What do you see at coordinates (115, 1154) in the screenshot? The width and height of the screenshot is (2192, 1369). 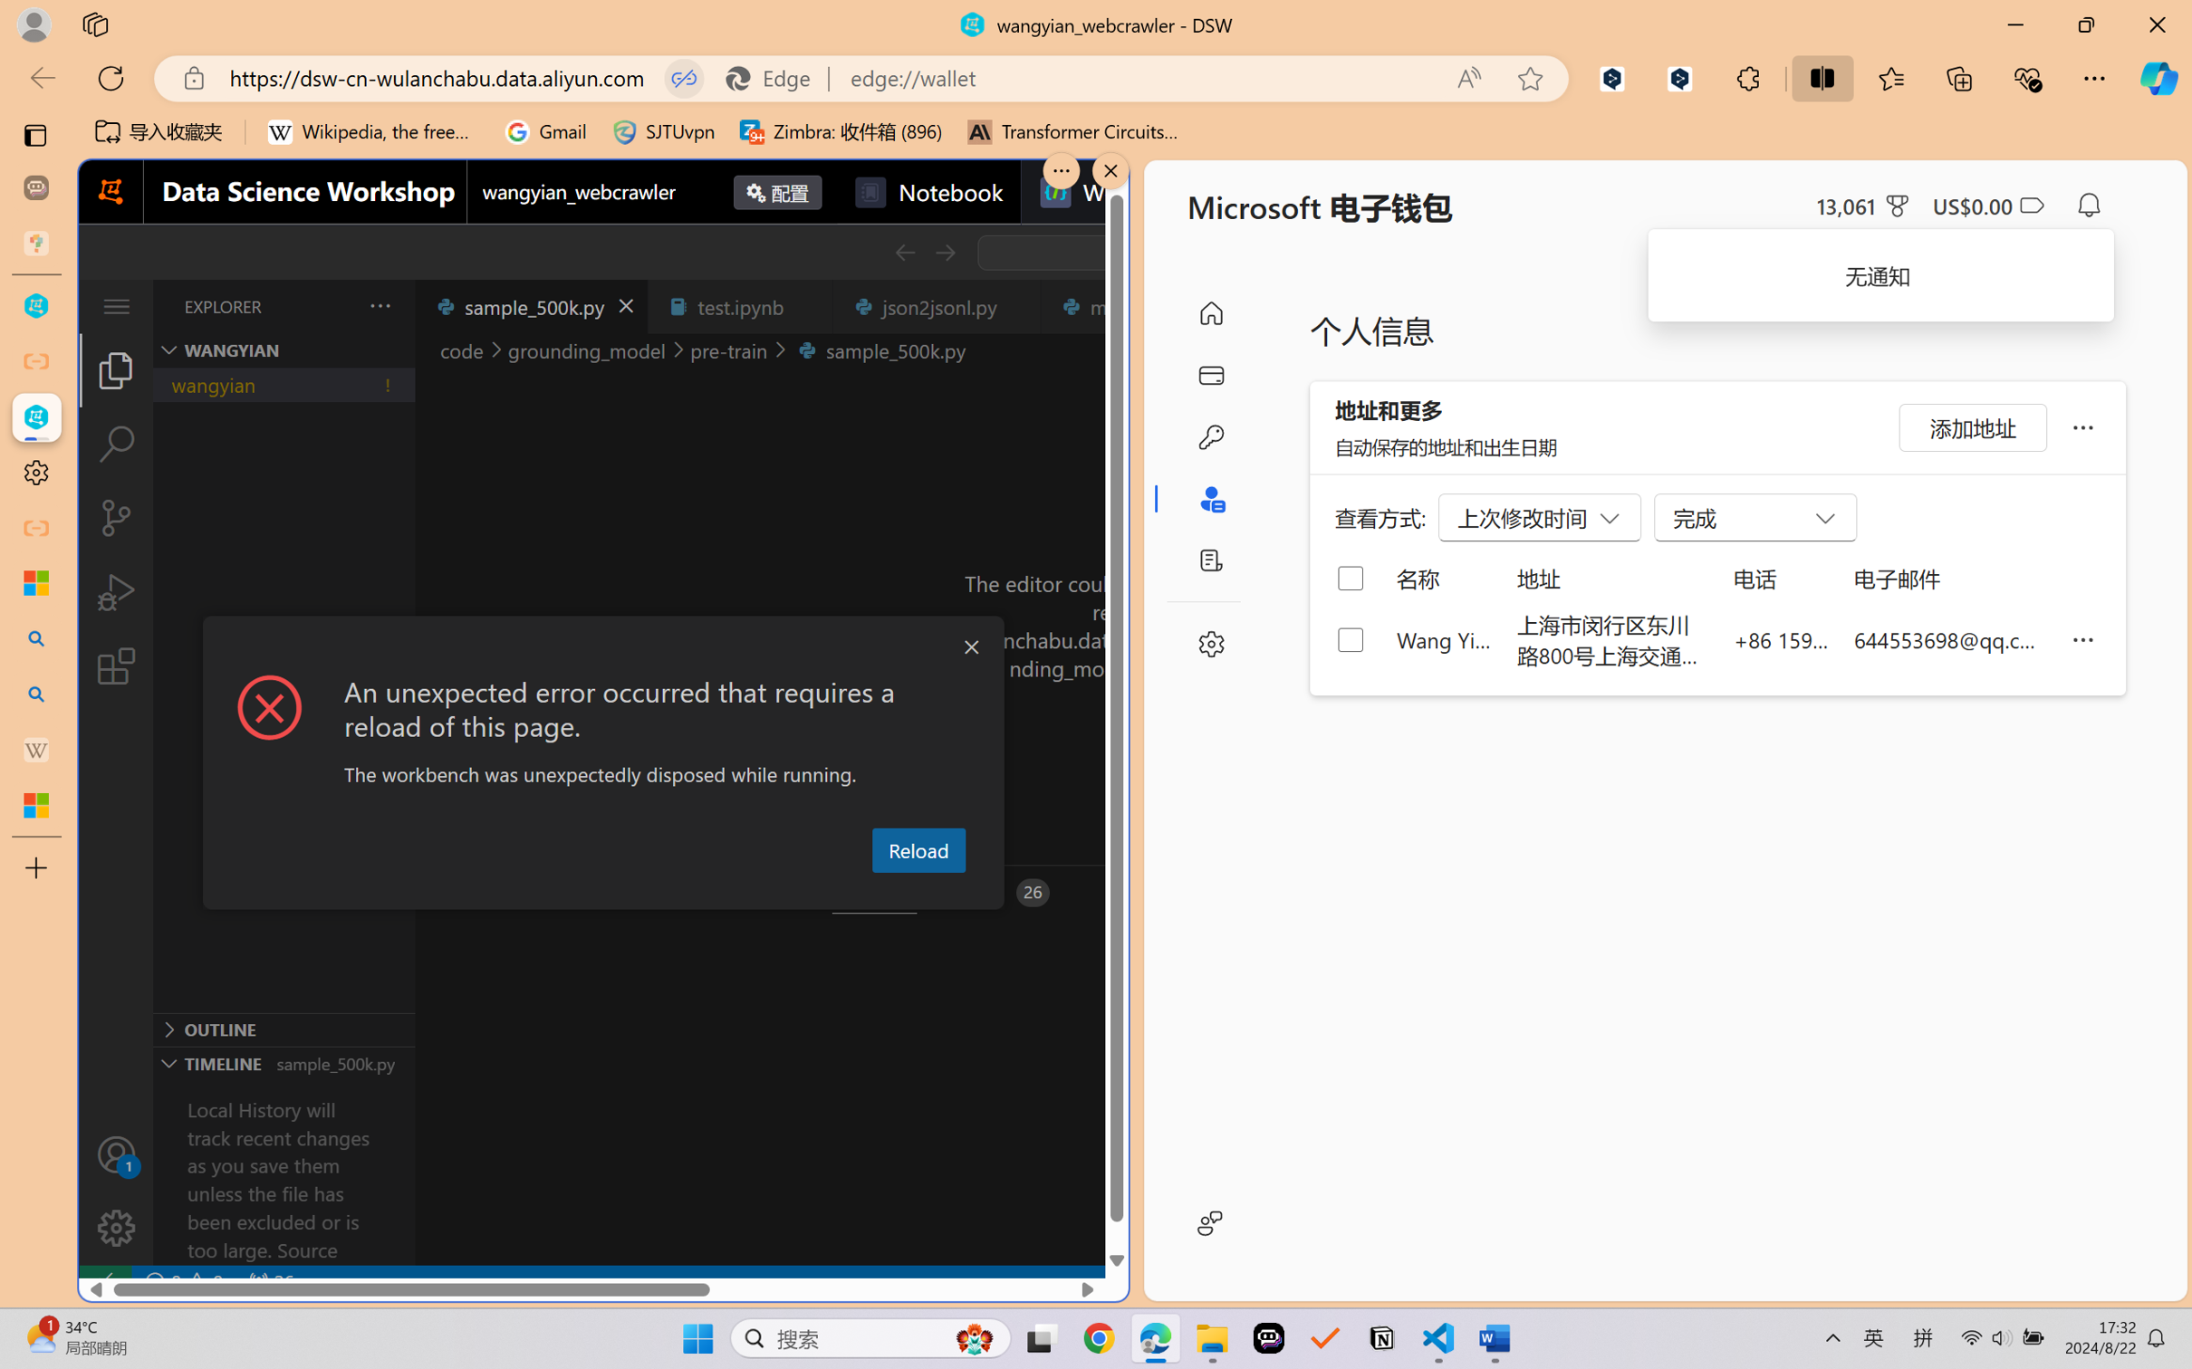 I see `'Accounts - Sign in requested'` at bounding box center [115, 1154].